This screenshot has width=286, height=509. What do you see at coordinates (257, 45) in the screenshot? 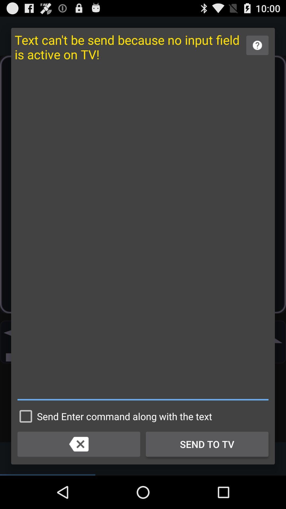
I see `more info` at bounding box center [257, 45].